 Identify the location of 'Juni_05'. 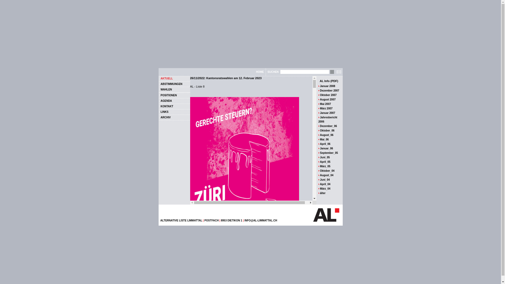
(325, 157).